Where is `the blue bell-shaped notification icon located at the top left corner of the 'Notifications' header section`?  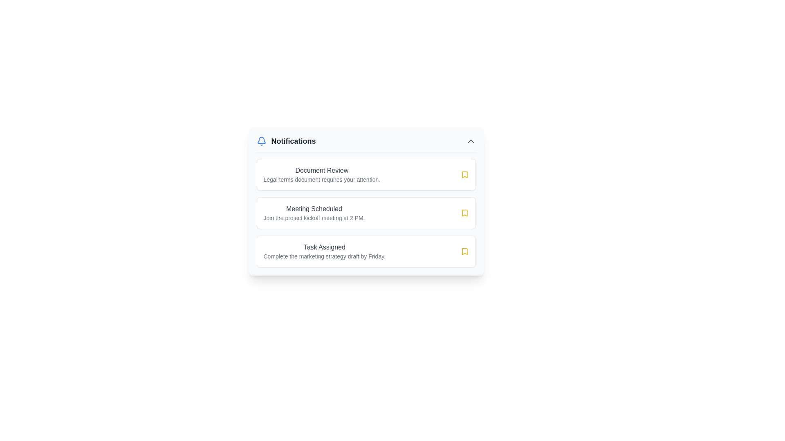
the blue bell-shaped notification icon located at the top left corner of the 'Notifications' header section is located at coordinates (261, 141).